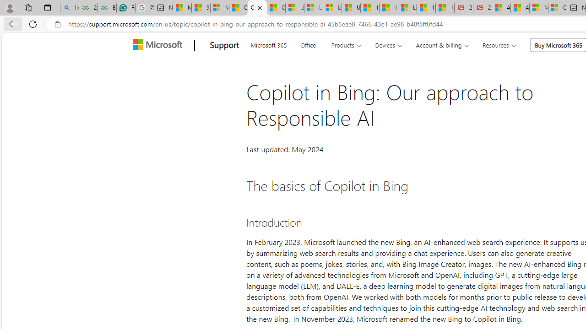 This screenshot has width=586, height=329. What do you see at coordinates (125, 8) in the screenshot?
I see `'Free AI Writing Assistance for Students | Grammarly'` at bounding box center [125, 8].